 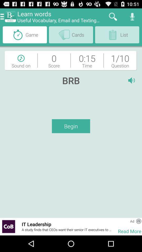 What do you see at coordinates (8, 226) in the screenshot?
I see `advertising` at bounding box center [8, 226].